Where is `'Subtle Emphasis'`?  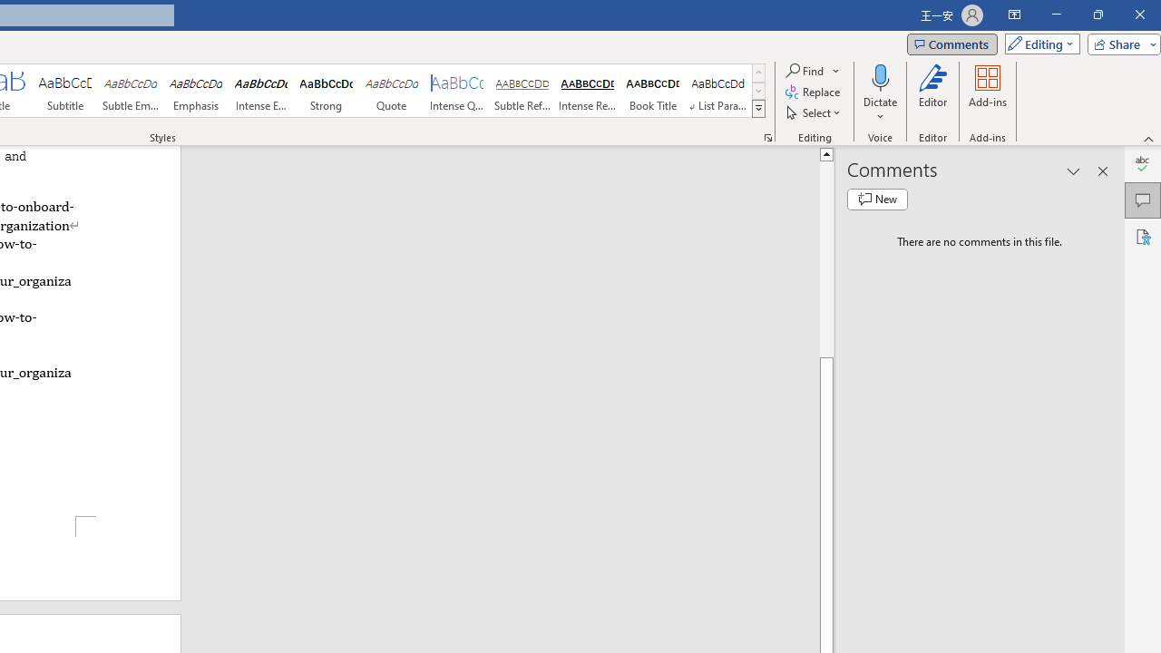
'Subtle Emphasis' is located at coordinates (130, 91).